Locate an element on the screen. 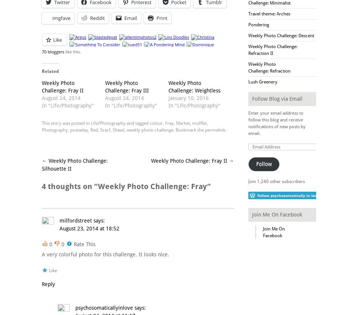 Image resolution: width=358 pixels, height=315 pixels. 'muffler' is located at coordinates (192, 122).